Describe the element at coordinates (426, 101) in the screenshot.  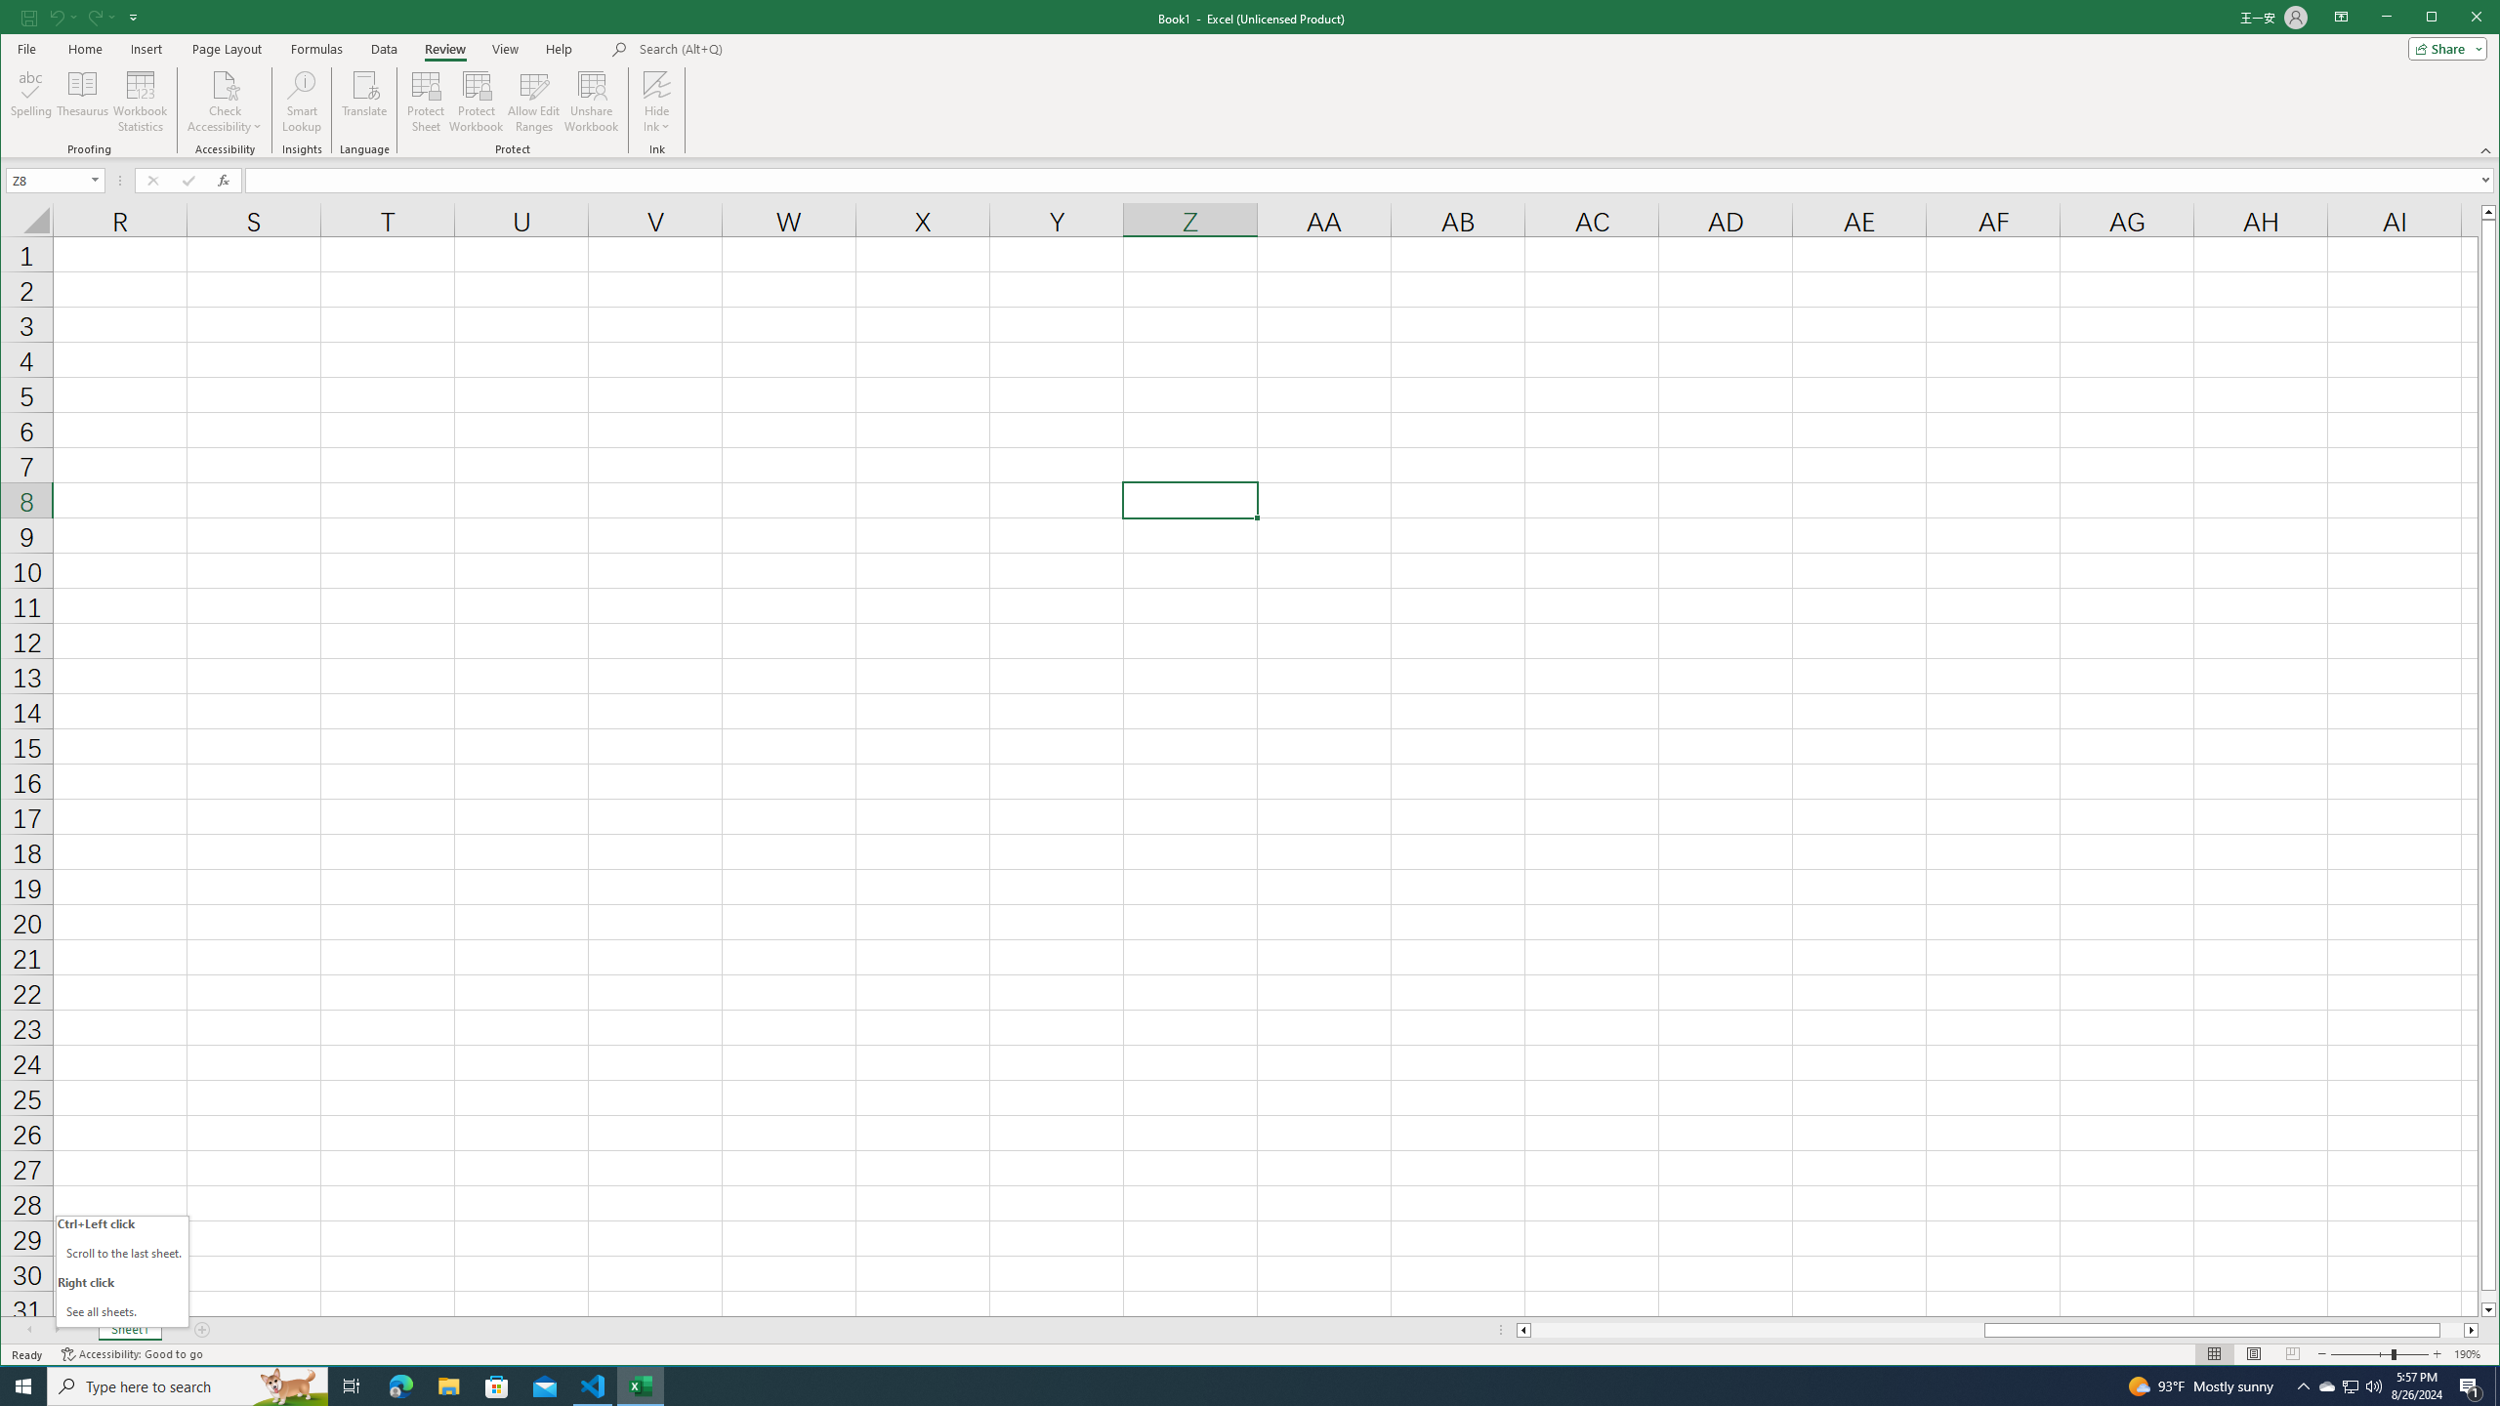
I see `'Protect Sheet...'` at that location.